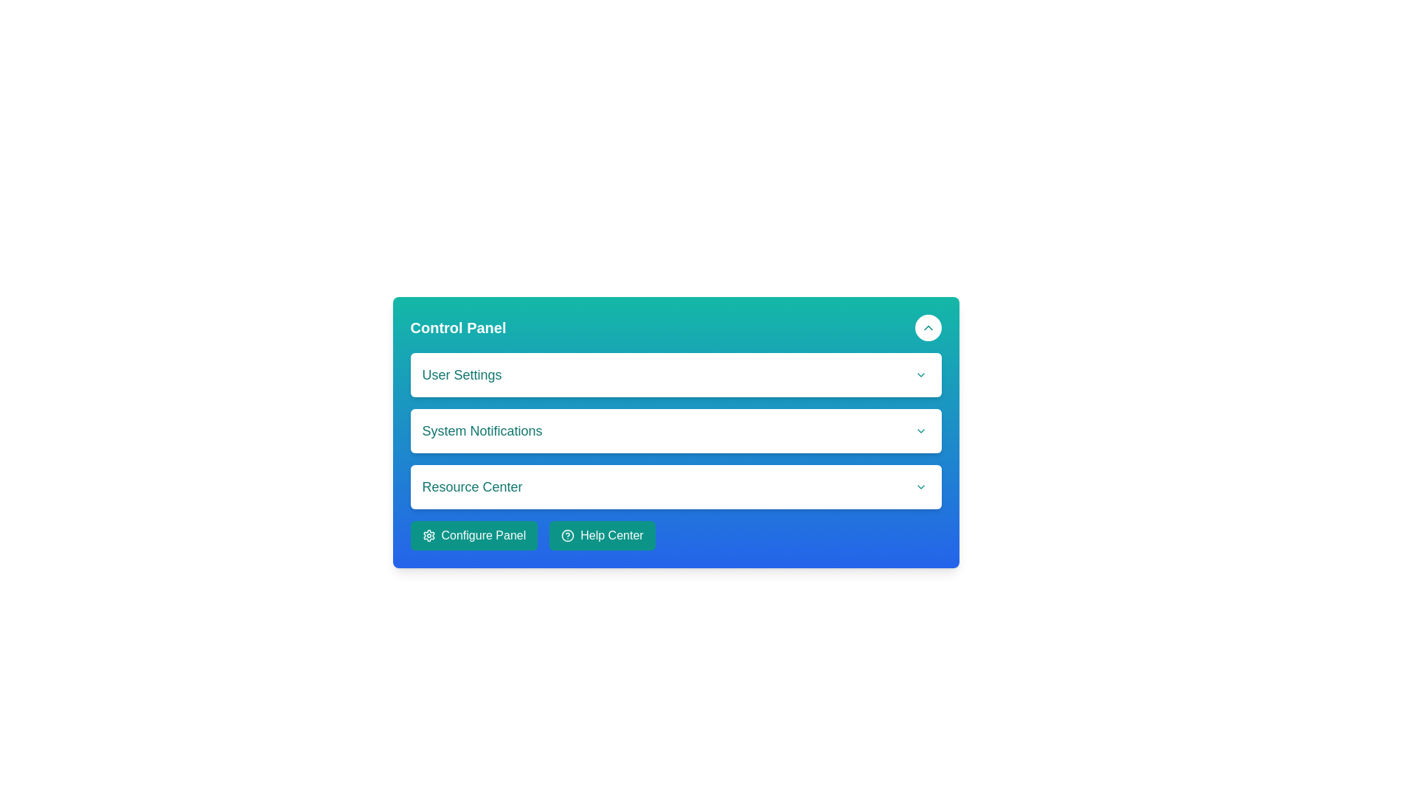 This screenshot has height=796, width=1416. Describe the element at coordinates (675, 431) in the screenshot. I see `the 'System Notifications' dropdown menu located centrally in the 'Control Panel', which is the second item below 'User Settings'` at that location.